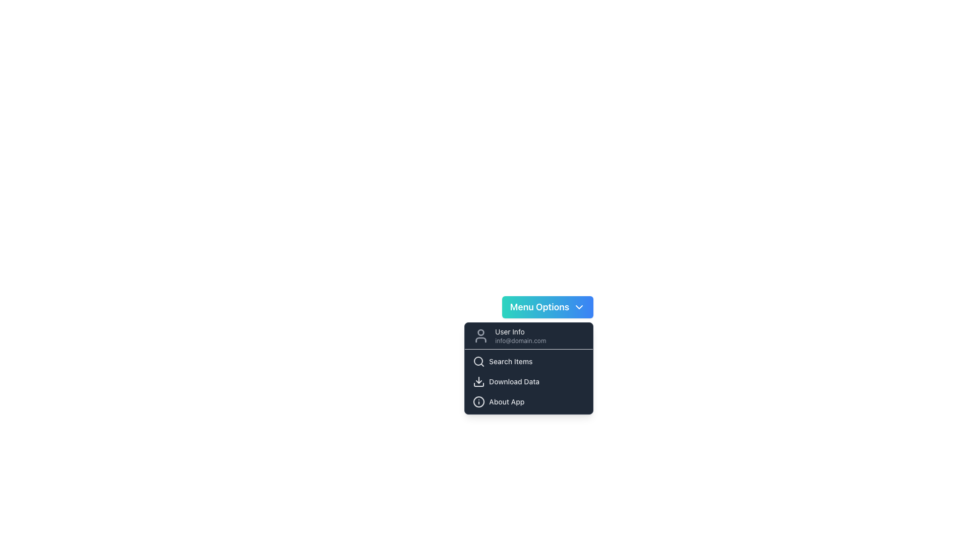  I want to click on the user profile icon, which is the first item in the 'User Info' section, located to the left of the associated text information, so click(480, 336).